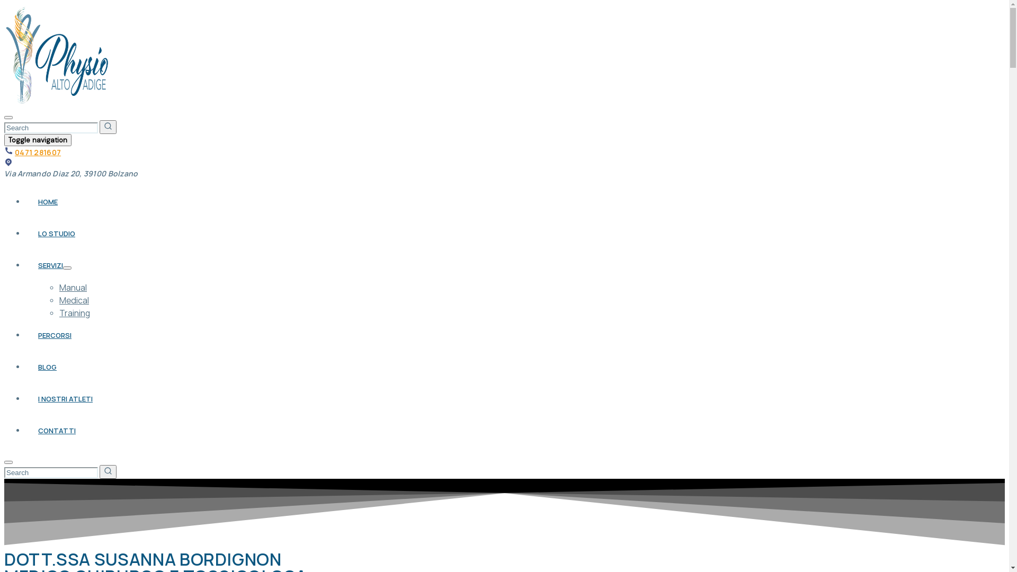  Describe the element at coordinates (73, 300) in the screenshot. I see `'Medical'` at that location.